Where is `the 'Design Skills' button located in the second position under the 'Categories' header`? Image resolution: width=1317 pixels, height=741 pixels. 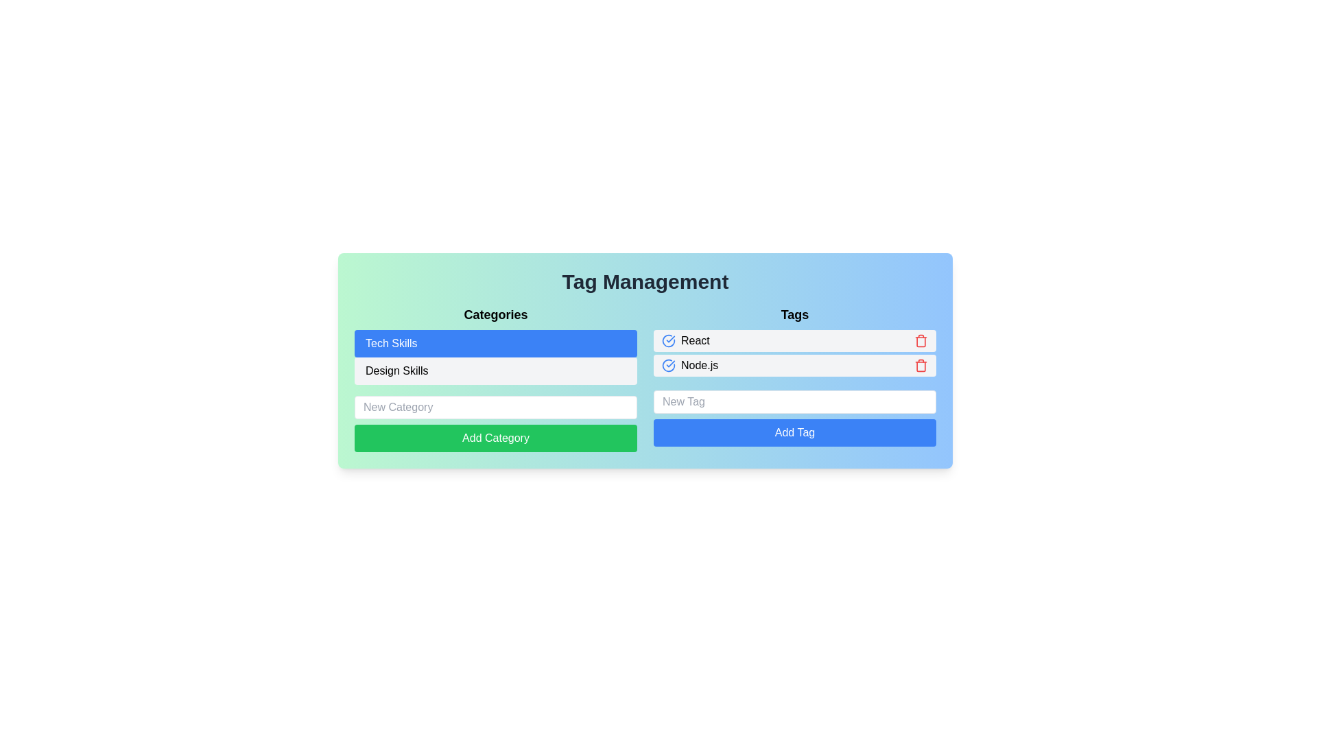 the 'Design Skills' button located in the second position under the 'Categories' header is located at coordinates (495, 378).